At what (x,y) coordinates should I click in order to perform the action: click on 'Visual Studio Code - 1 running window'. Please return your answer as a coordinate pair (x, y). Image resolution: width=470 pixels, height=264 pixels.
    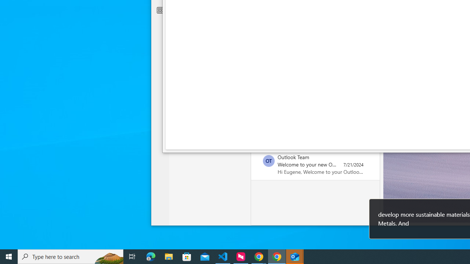
    Looking at the image, I should click on (223, 256).